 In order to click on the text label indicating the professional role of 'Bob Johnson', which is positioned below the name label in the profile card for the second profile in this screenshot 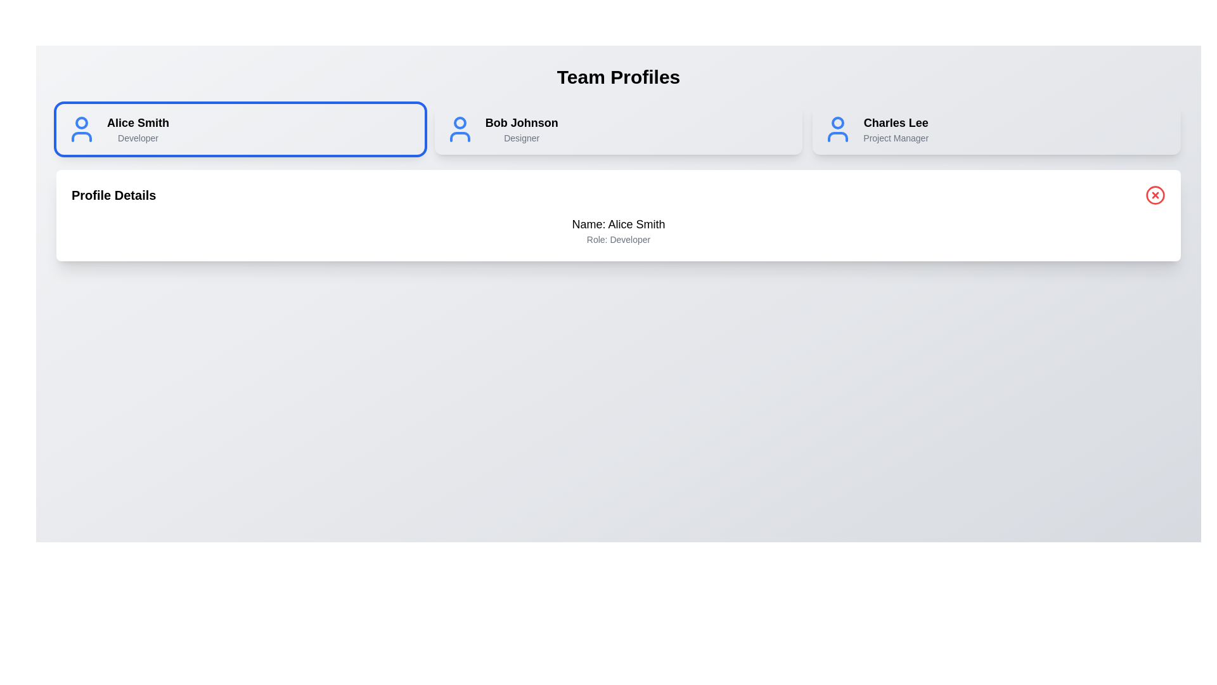, I will do `click(522, 138)`.